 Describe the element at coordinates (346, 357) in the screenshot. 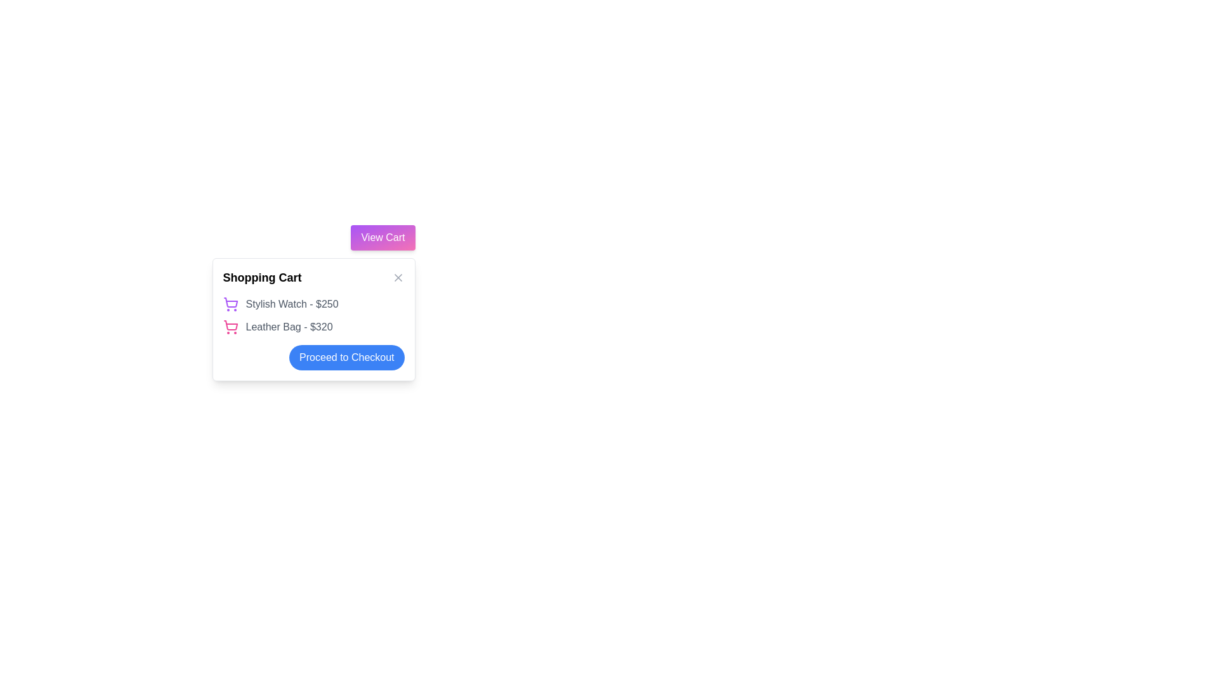

I see `the checkout button located in the shopping cart summary box to proceed to the checkout process` at that location.